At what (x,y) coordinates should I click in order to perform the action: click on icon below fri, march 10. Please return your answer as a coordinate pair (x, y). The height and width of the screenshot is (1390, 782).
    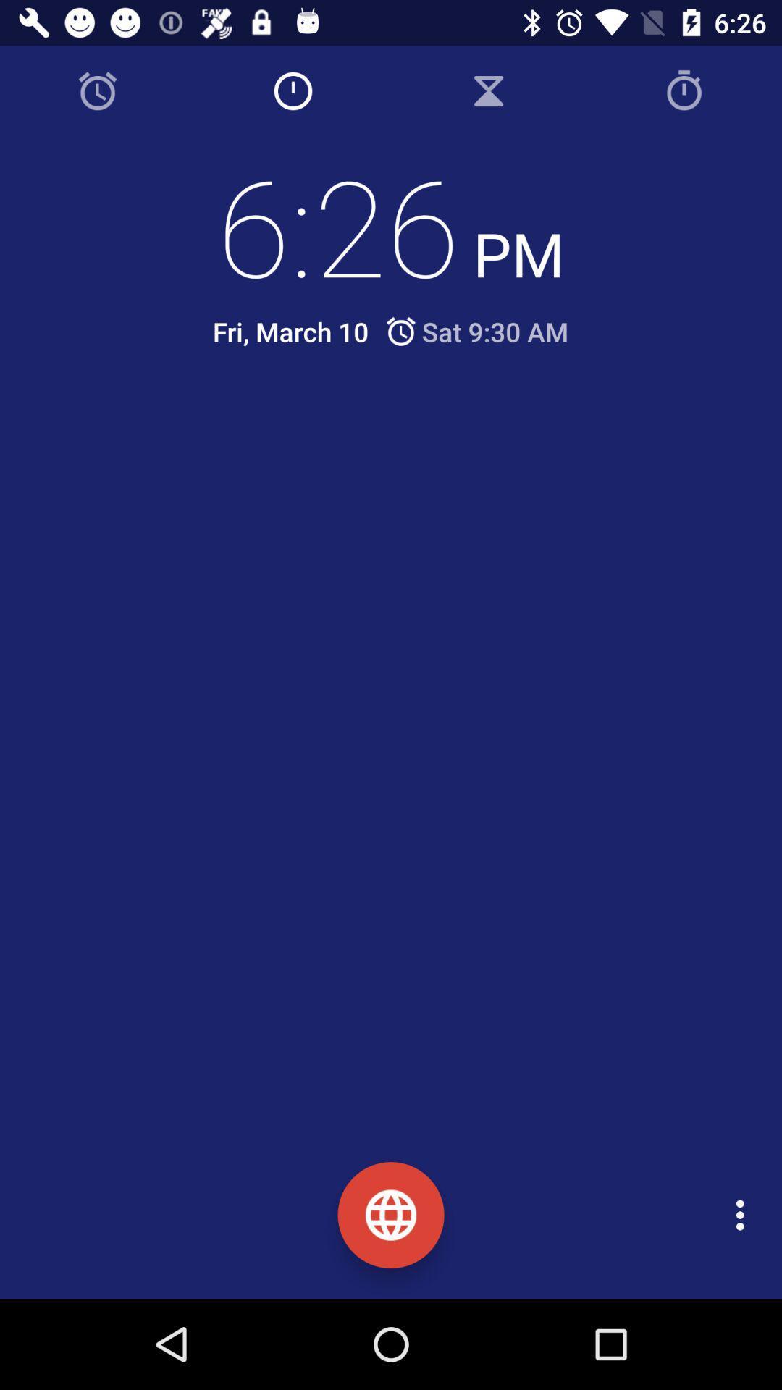
    Looking at the image, I should click on (402, 432).